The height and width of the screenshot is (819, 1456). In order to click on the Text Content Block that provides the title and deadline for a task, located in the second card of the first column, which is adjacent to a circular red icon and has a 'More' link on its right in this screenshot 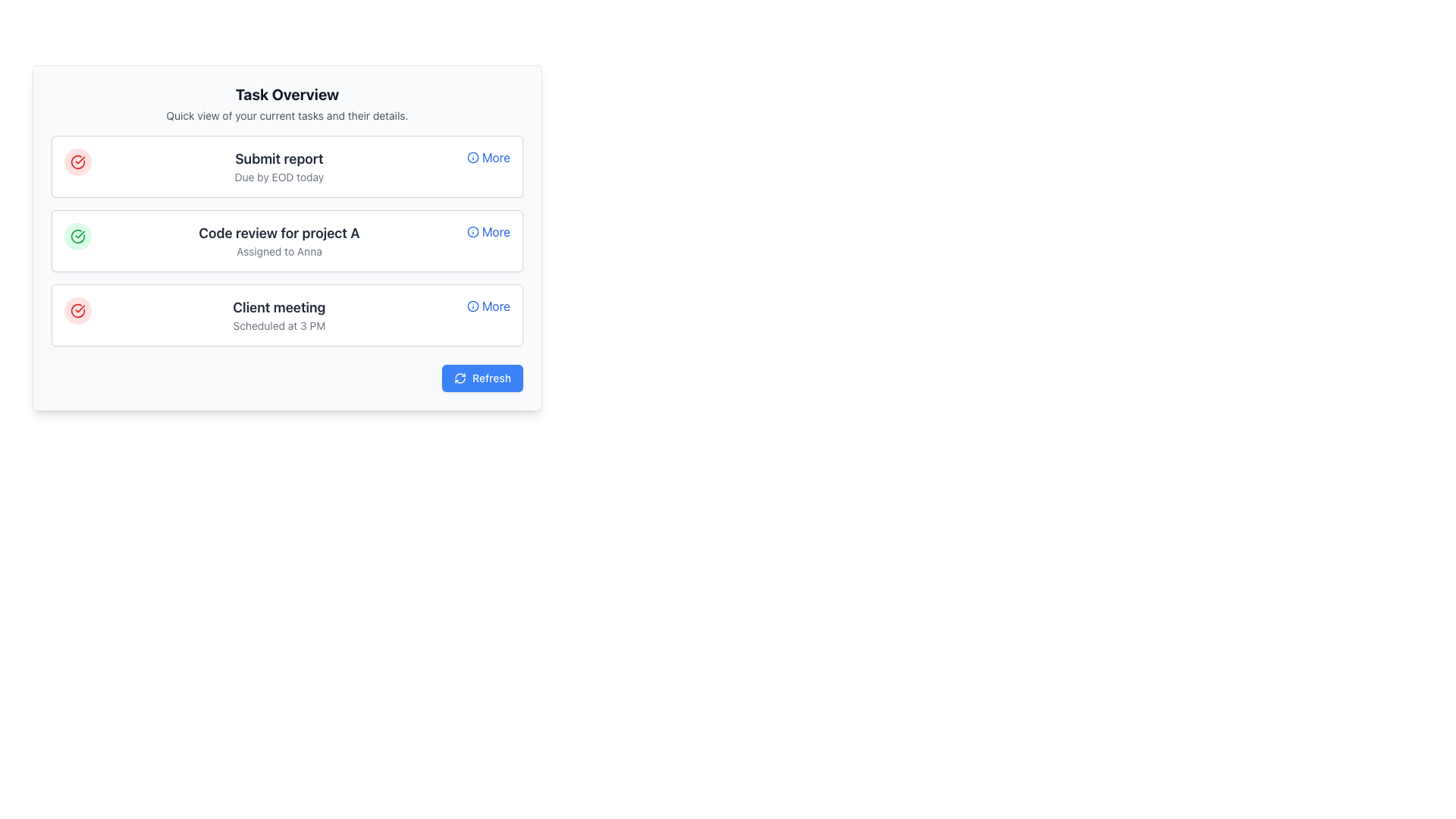, I will do `click(279, 166)`.